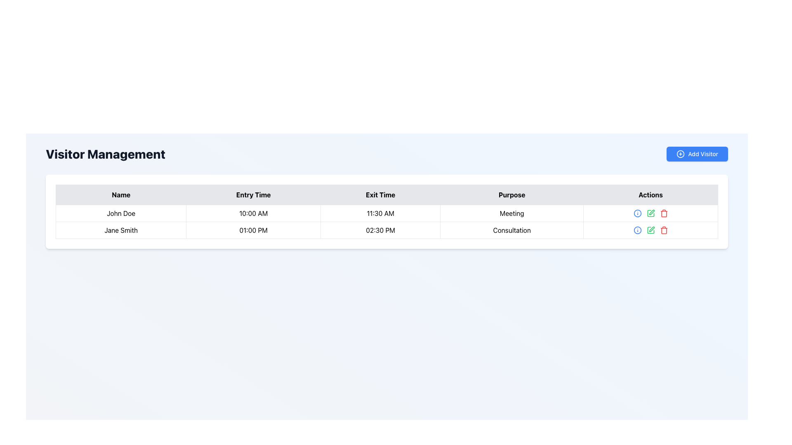  Describe the element at coordinates (386, 221) in the screenshot. I see `the table cell containing the exit time '11:30 AM' for the entry 'John Doe'` at that location.